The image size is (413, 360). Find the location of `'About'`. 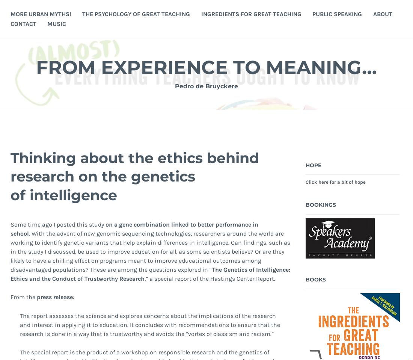

'About' is located at coordinates (382, 13).